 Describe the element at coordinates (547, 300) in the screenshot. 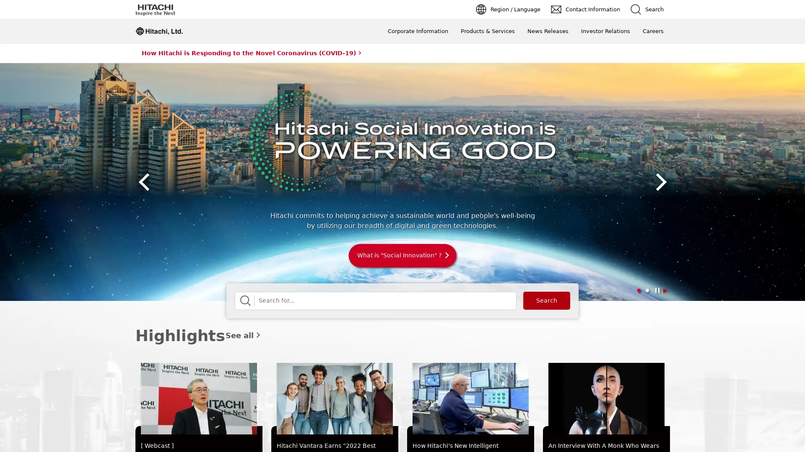

I see `Search` at that location.